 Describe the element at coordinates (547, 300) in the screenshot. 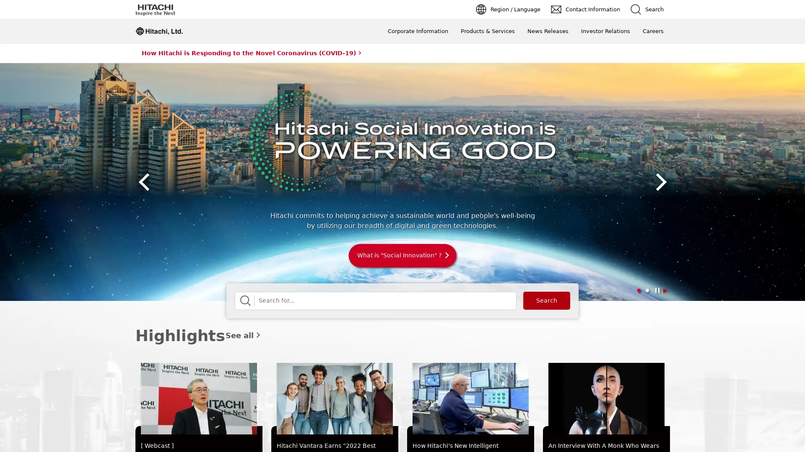

I see `Search` at that location.